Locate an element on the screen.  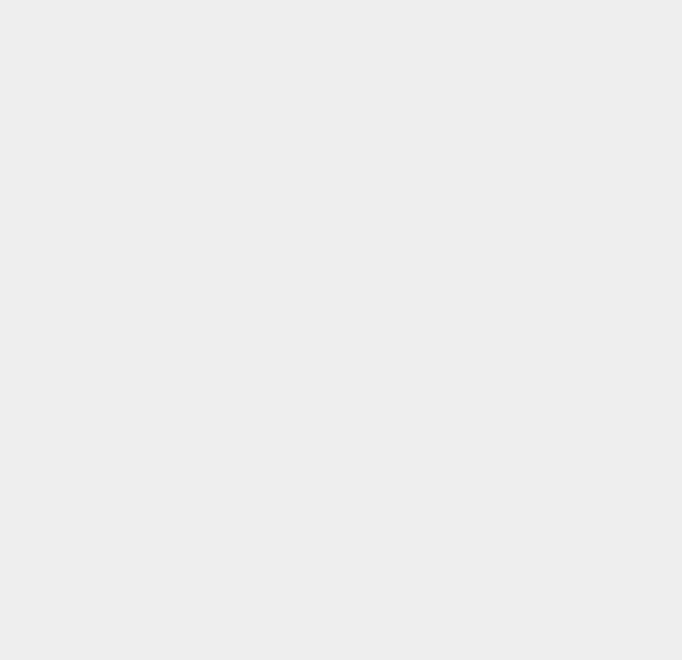
'Wordpress Themes' is located at coordinates (518, 471).